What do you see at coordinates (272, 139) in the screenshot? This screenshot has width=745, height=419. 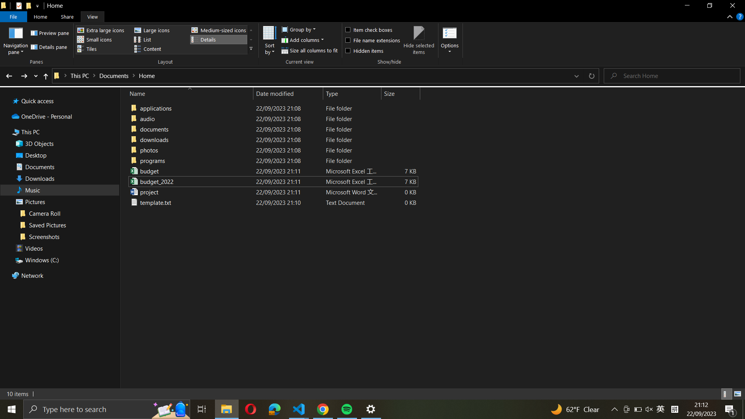 I see `Arrange the files by name in "documents" folder` at bounding box center [272, 139].